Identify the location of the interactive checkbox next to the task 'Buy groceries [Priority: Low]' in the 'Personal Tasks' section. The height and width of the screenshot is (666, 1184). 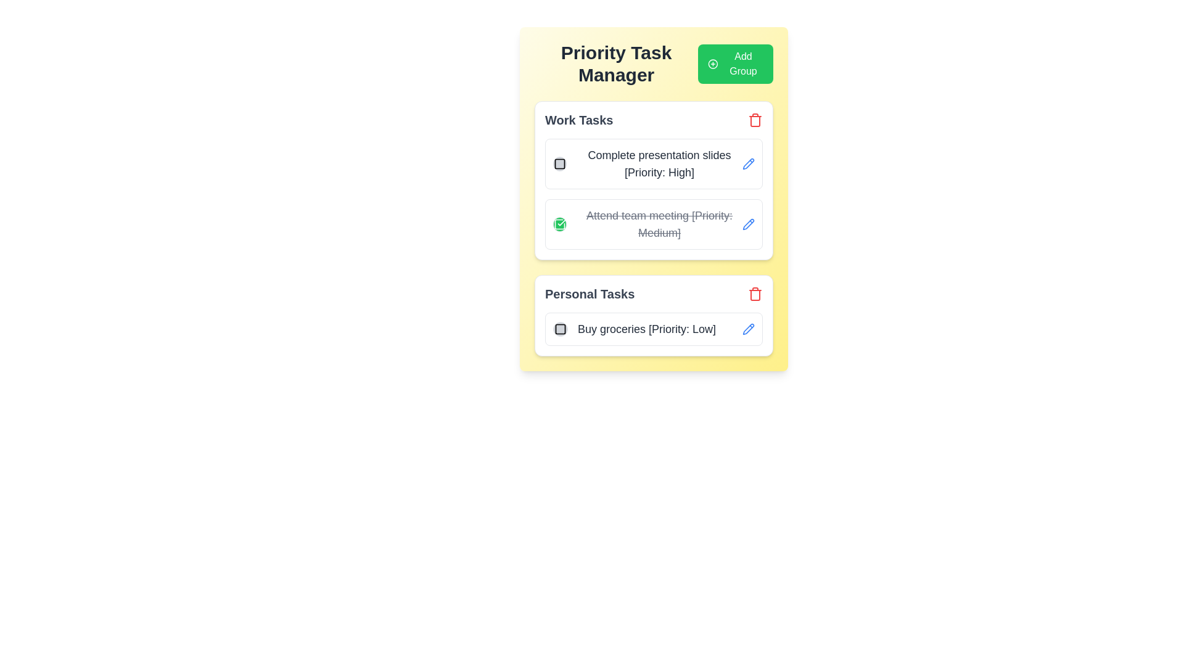
(559, 328).